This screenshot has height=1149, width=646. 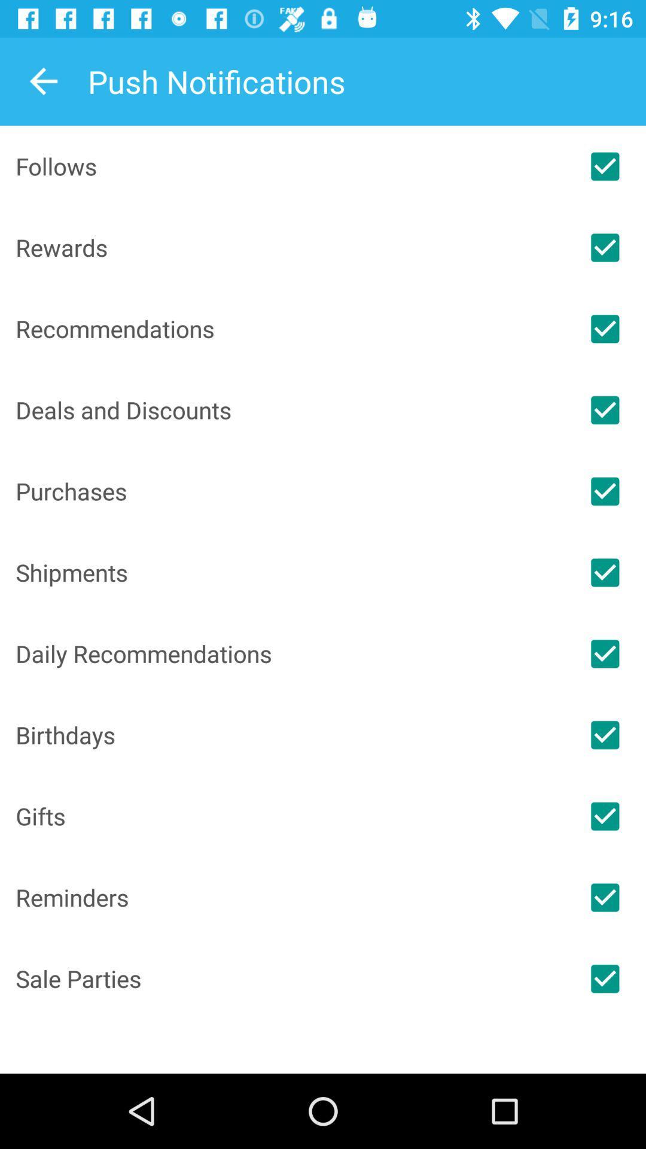 What do you see at coordinates (605, 897) in the screenshot?
I see `turn reminder push notifications on or off` at bounding box center [605, 897].